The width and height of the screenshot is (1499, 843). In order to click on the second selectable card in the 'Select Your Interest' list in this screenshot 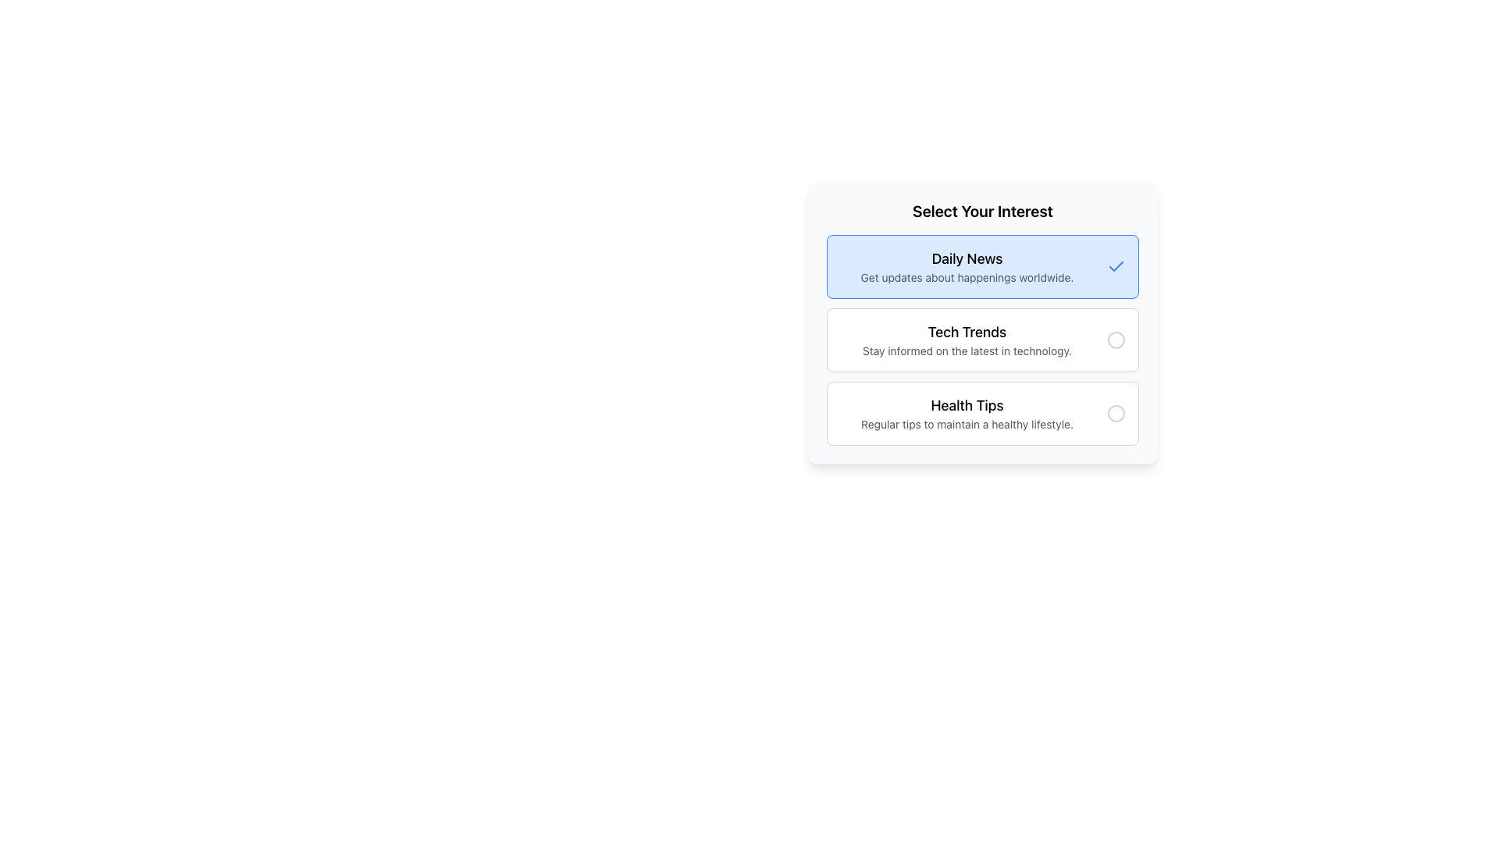, I will do `click(981, 339)`.